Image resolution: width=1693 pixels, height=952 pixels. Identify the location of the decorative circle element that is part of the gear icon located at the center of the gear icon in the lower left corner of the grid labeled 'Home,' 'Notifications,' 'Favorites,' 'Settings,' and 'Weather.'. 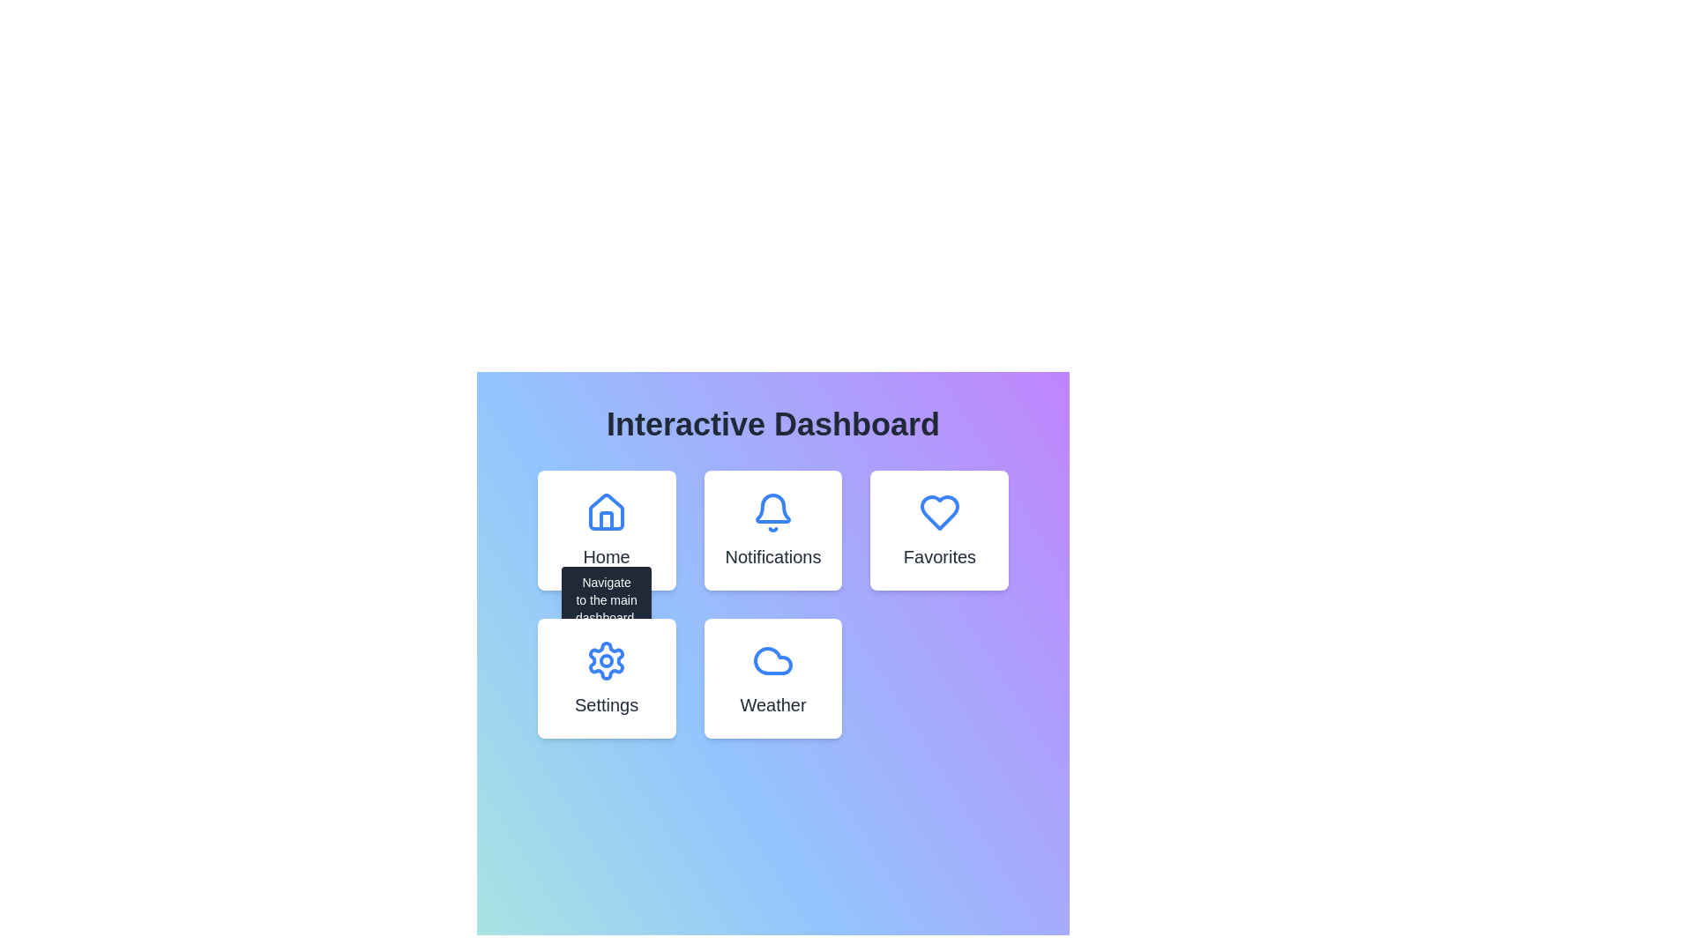
(607, 660).